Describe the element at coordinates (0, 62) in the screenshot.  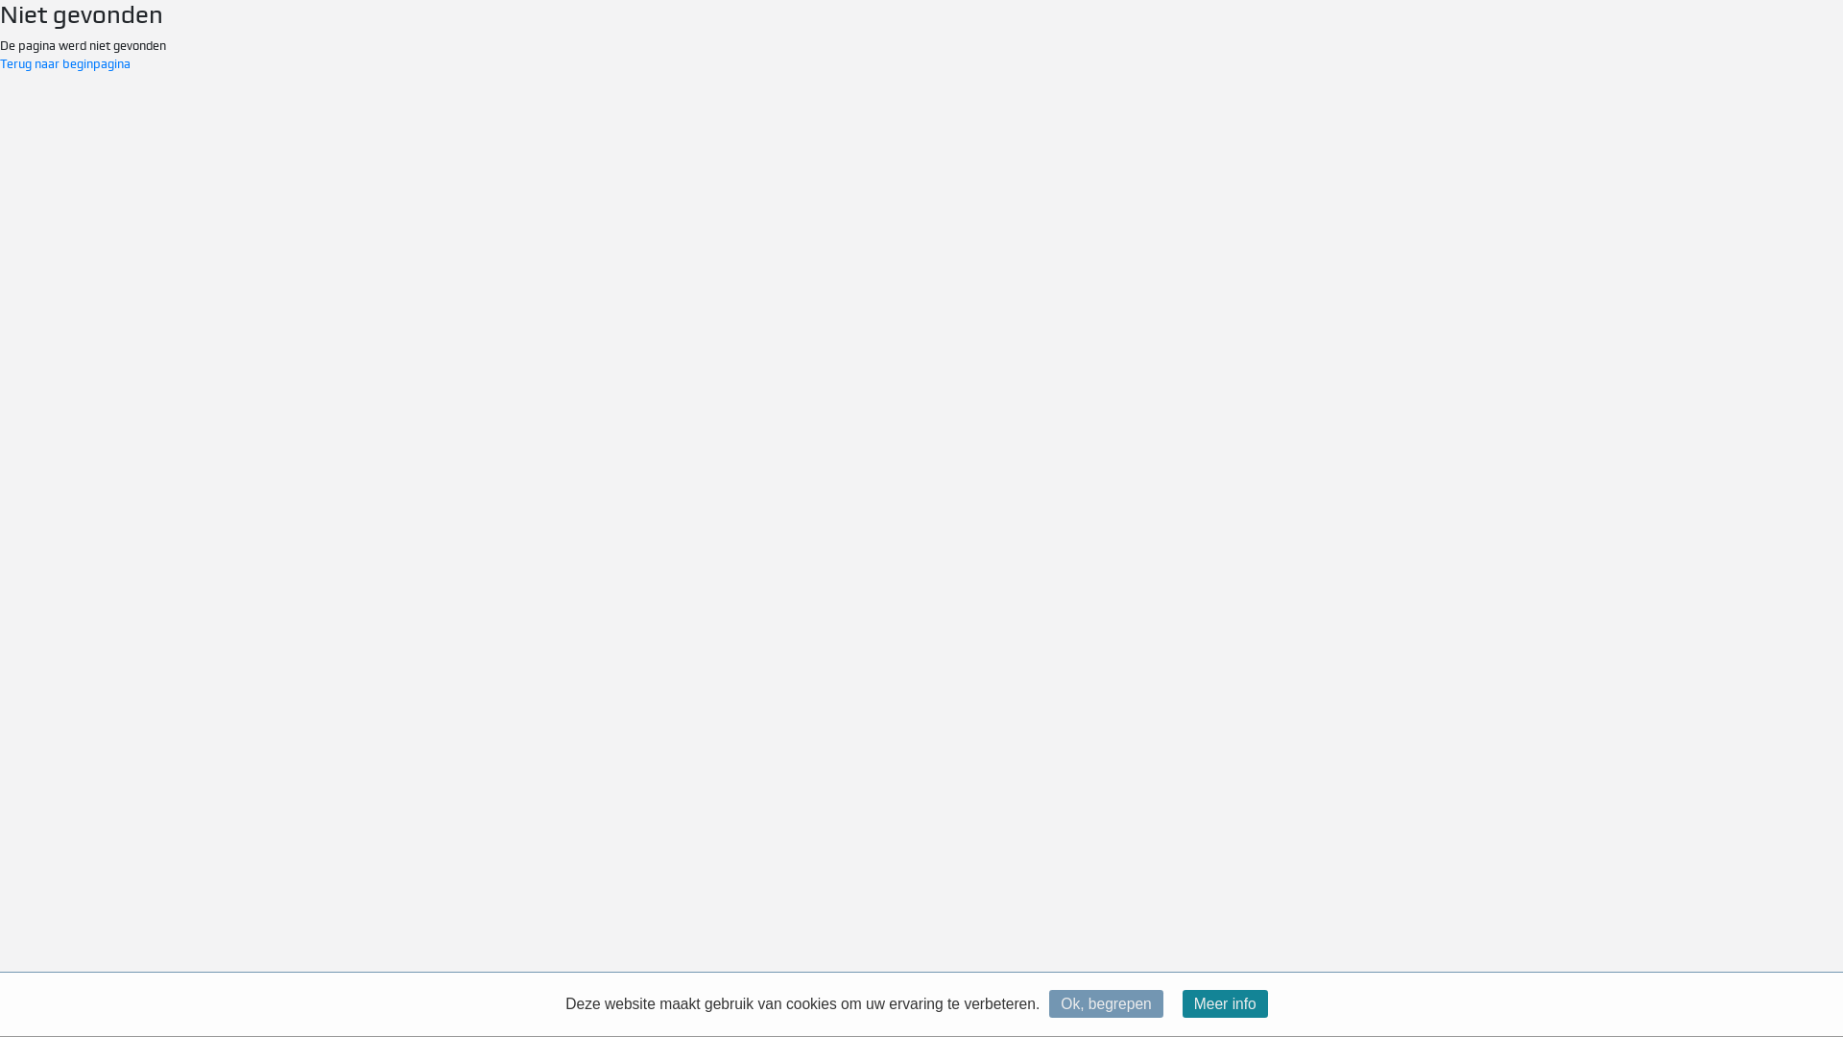
I see `'Terug naar beginpagina'` at that location.